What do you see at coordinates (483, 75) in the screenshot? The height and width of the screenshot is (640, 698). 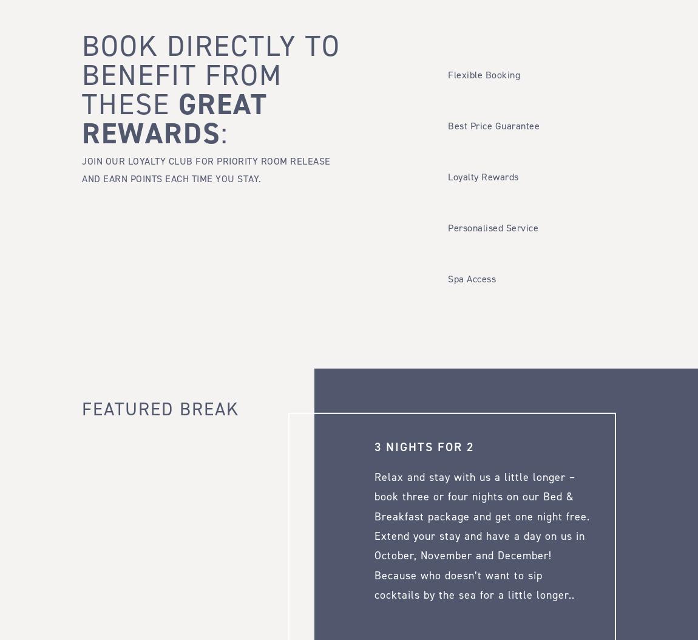 I see `'Flexible Booking'` at bounding box center [483, 75].